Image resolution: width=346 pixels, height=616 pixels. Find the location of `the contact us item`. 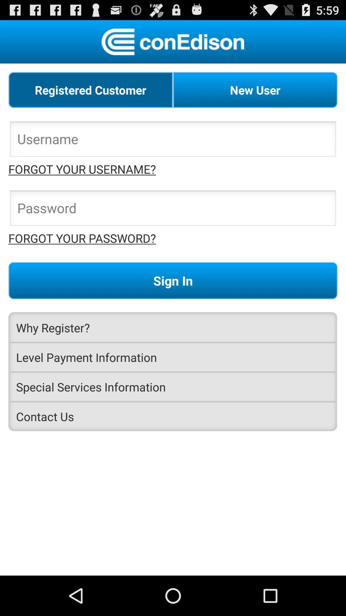

the contact us item is located at coordinates (173, 416).